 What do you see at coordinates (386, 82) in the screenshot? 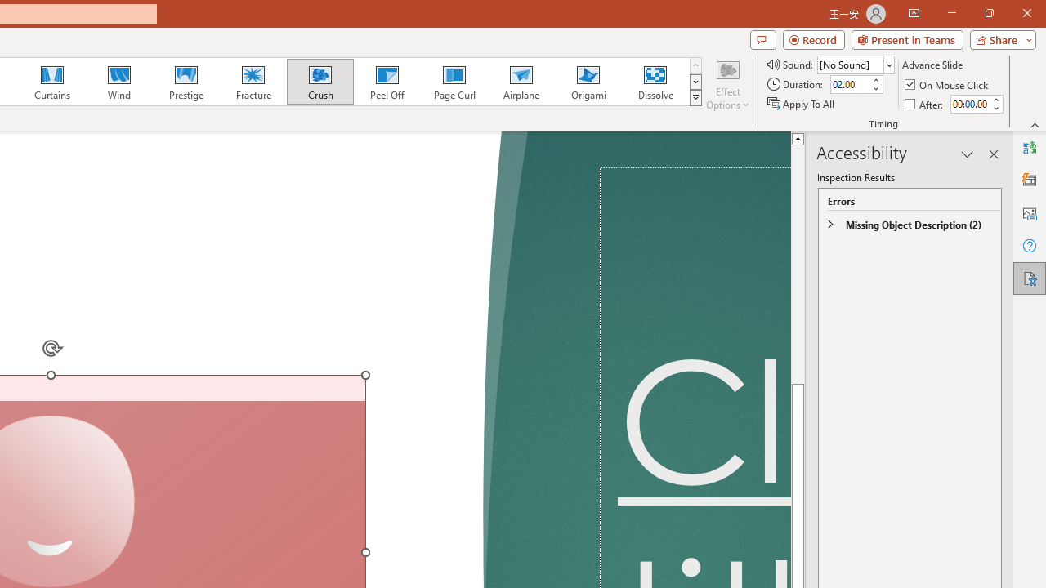
I see `'Peel Off'` at bounding box center [386, 82].